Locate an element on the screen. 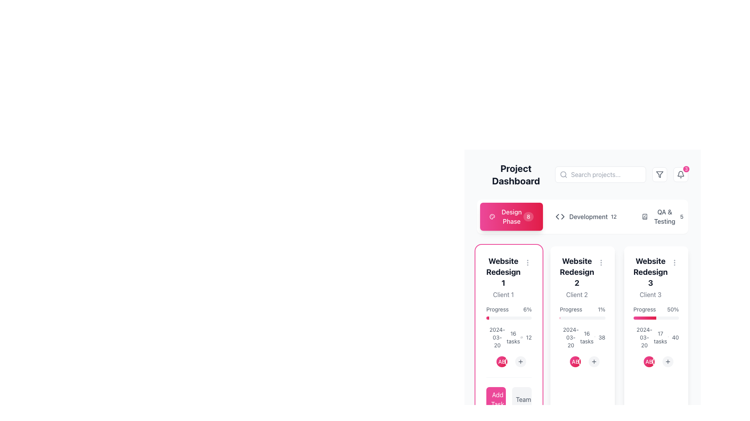 Image resolution: width=750 pixels, height=421 pixels. the third circular avatar located in the bottom left corner of the 'Website Redesign 1' card is located at coordinates (511, 362).